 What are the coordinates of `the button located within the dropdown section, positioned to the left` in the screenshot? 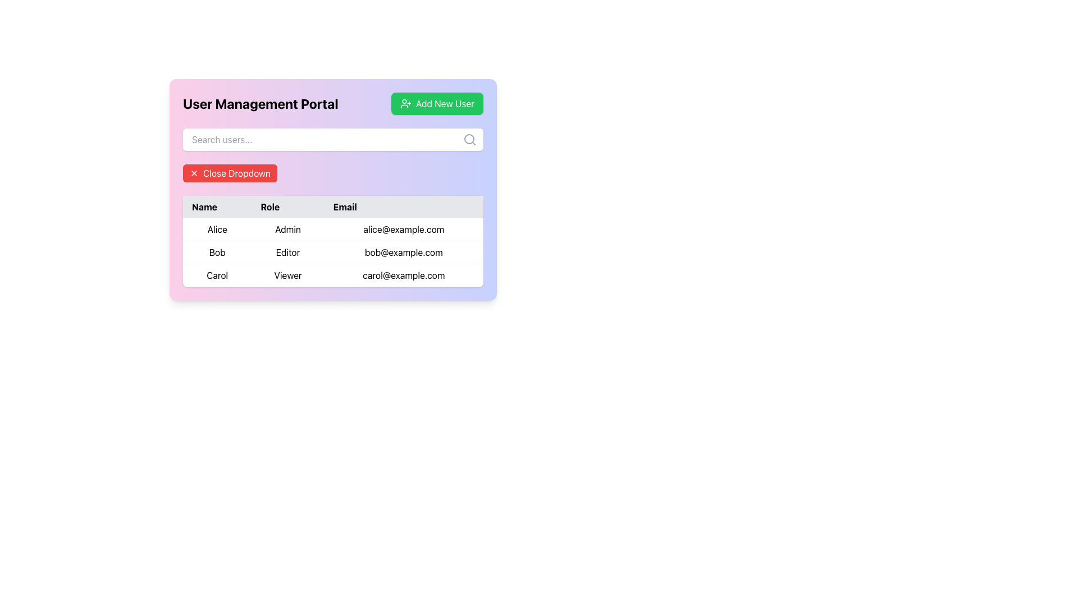 It's located at (332, 173).